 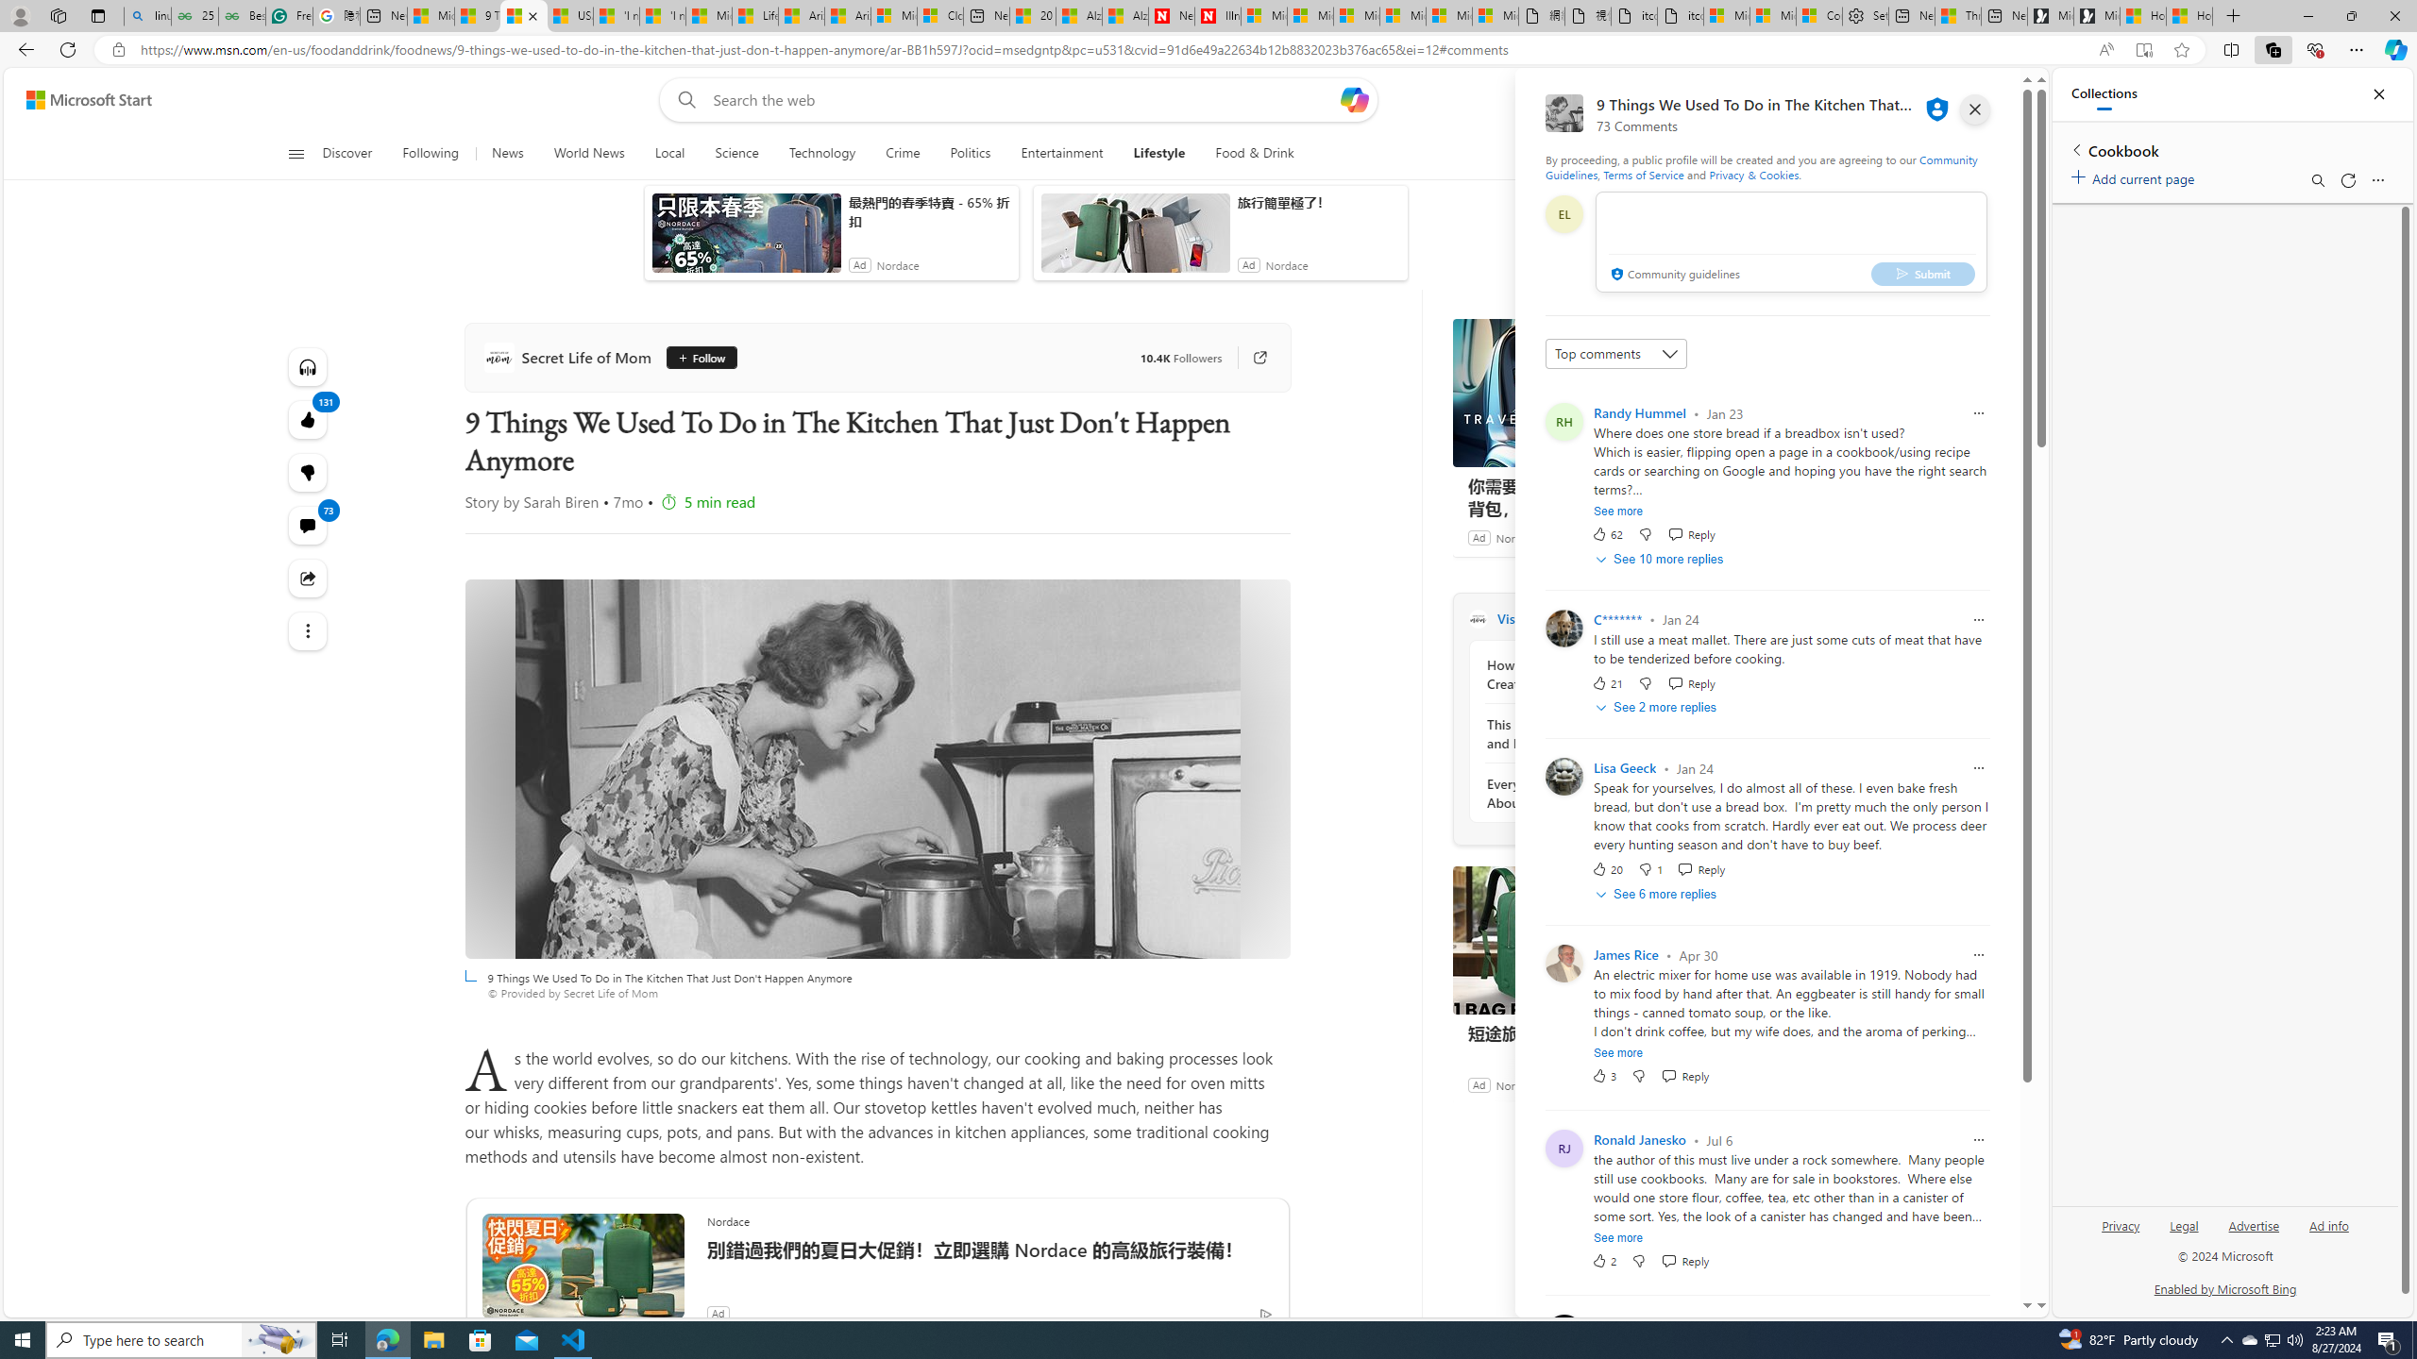 What do you see at coordinates (1616, 618) in the screenshot?
I see `'C*******'` at bounding box center [1616, 618].